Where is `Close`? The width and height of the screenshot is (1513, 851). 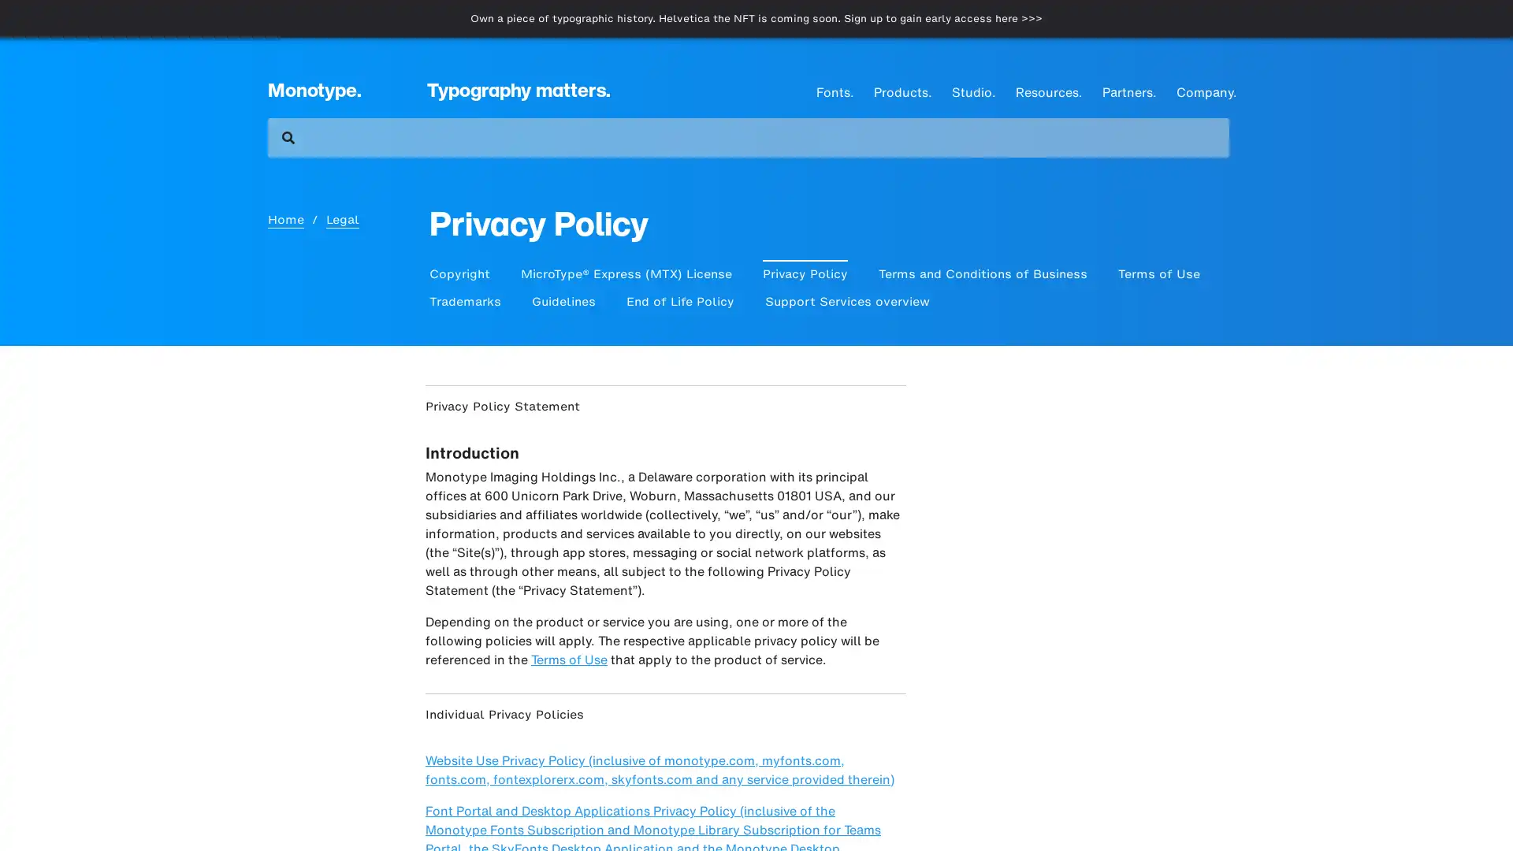 Close is located at coordinates (1486, 816).